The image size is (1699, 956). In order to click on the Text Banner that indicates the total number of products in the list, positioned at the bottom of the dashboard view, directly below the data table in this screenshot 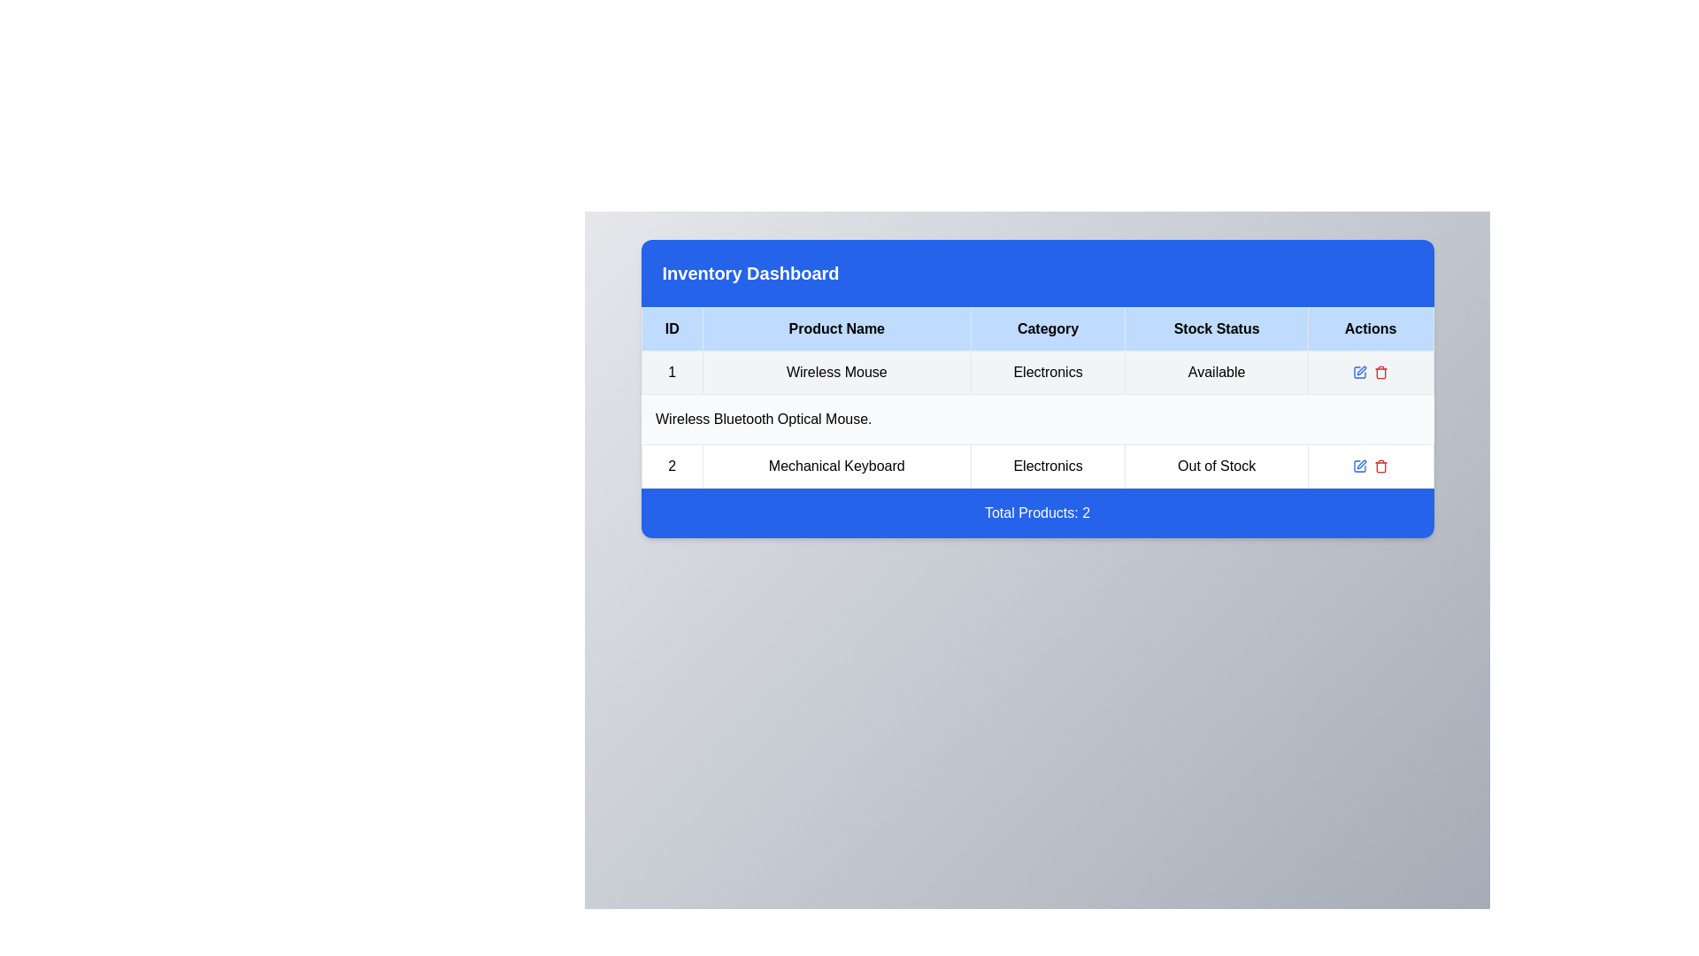, I will do `click(1037, 513)`.